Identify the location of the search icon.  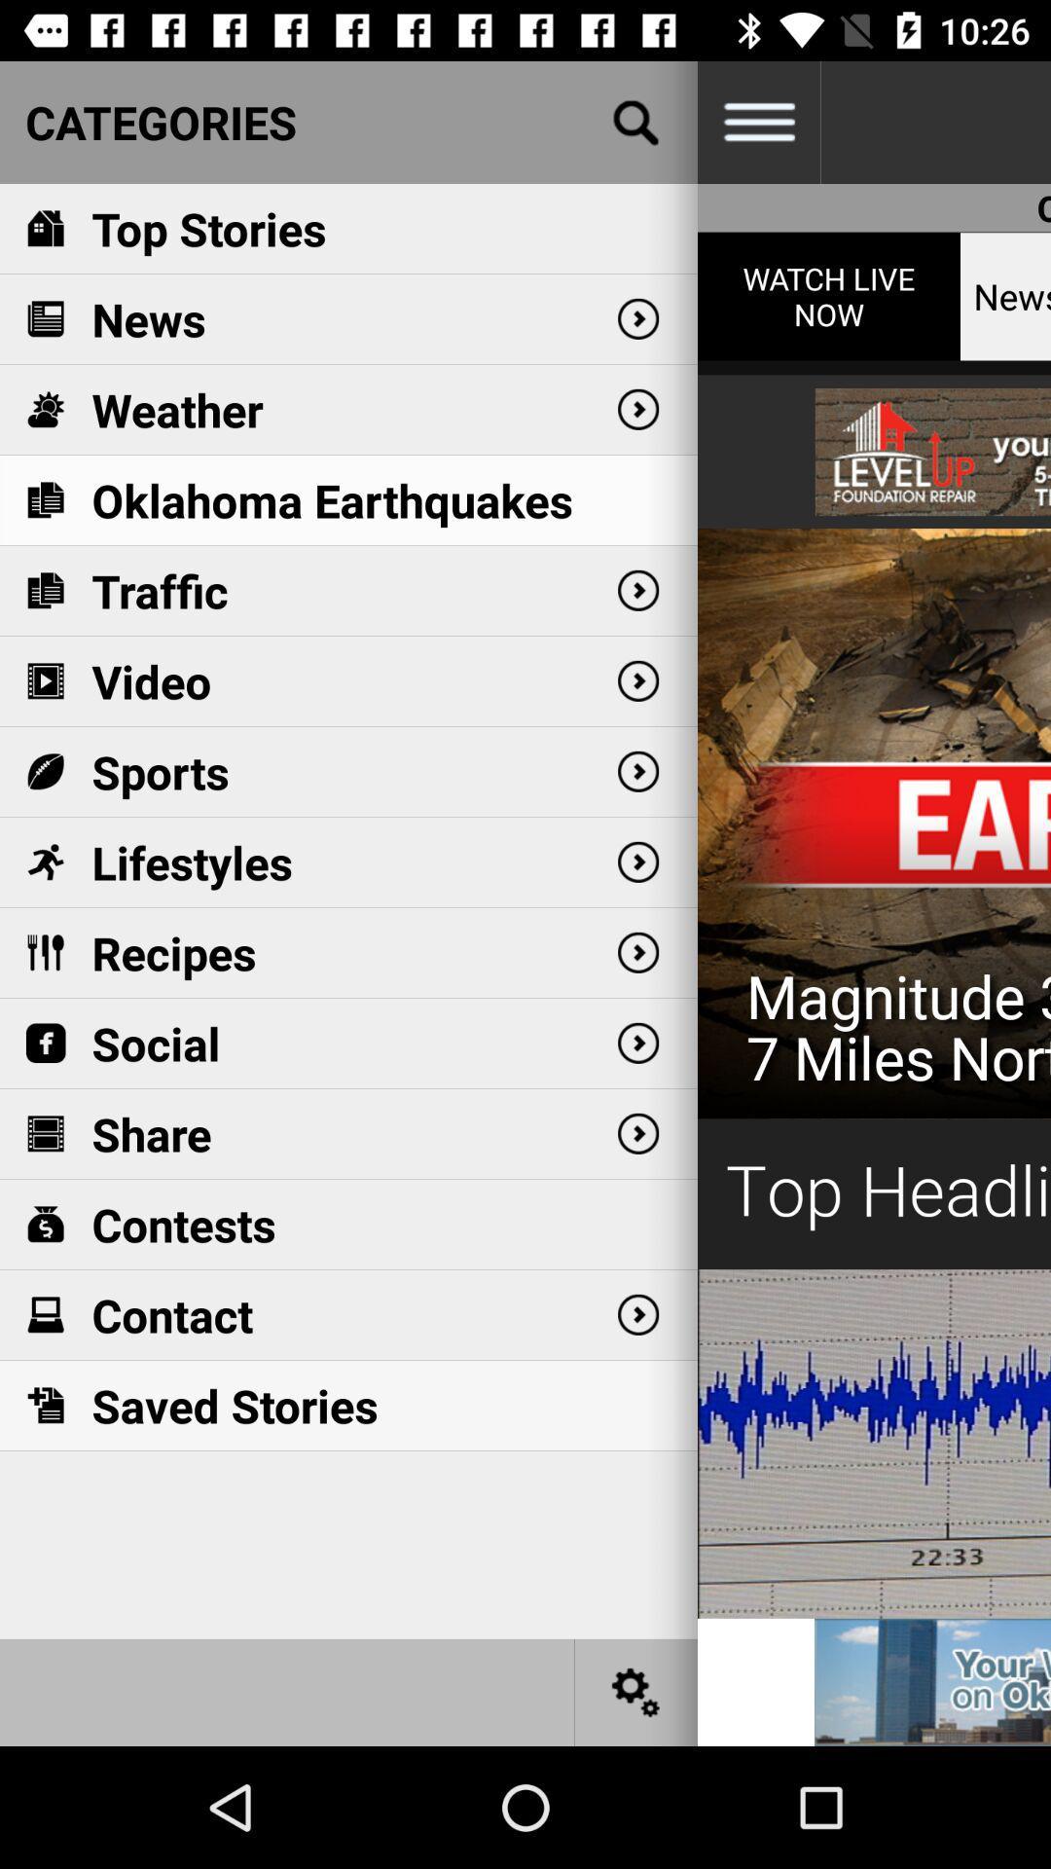
(636, 121).